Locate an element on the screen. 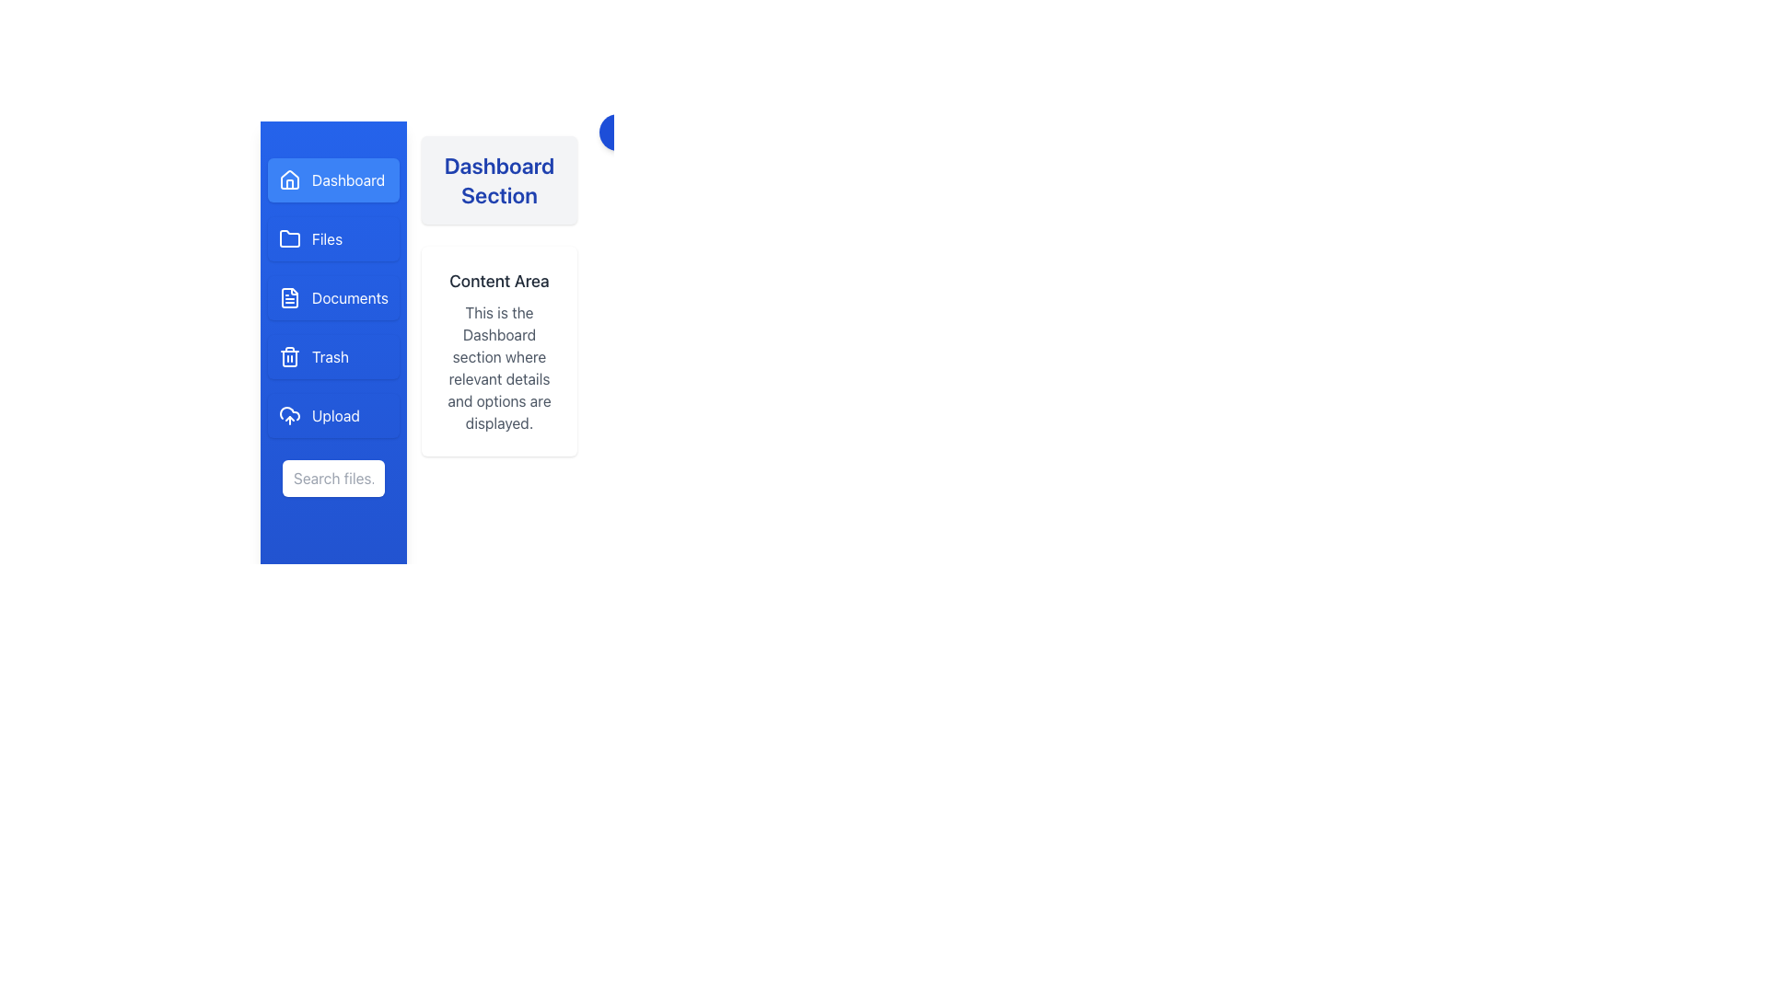 The image size is (1768, 994). the 'Files' icon located in the navigation sidebar is located at coordinates (289, 237).